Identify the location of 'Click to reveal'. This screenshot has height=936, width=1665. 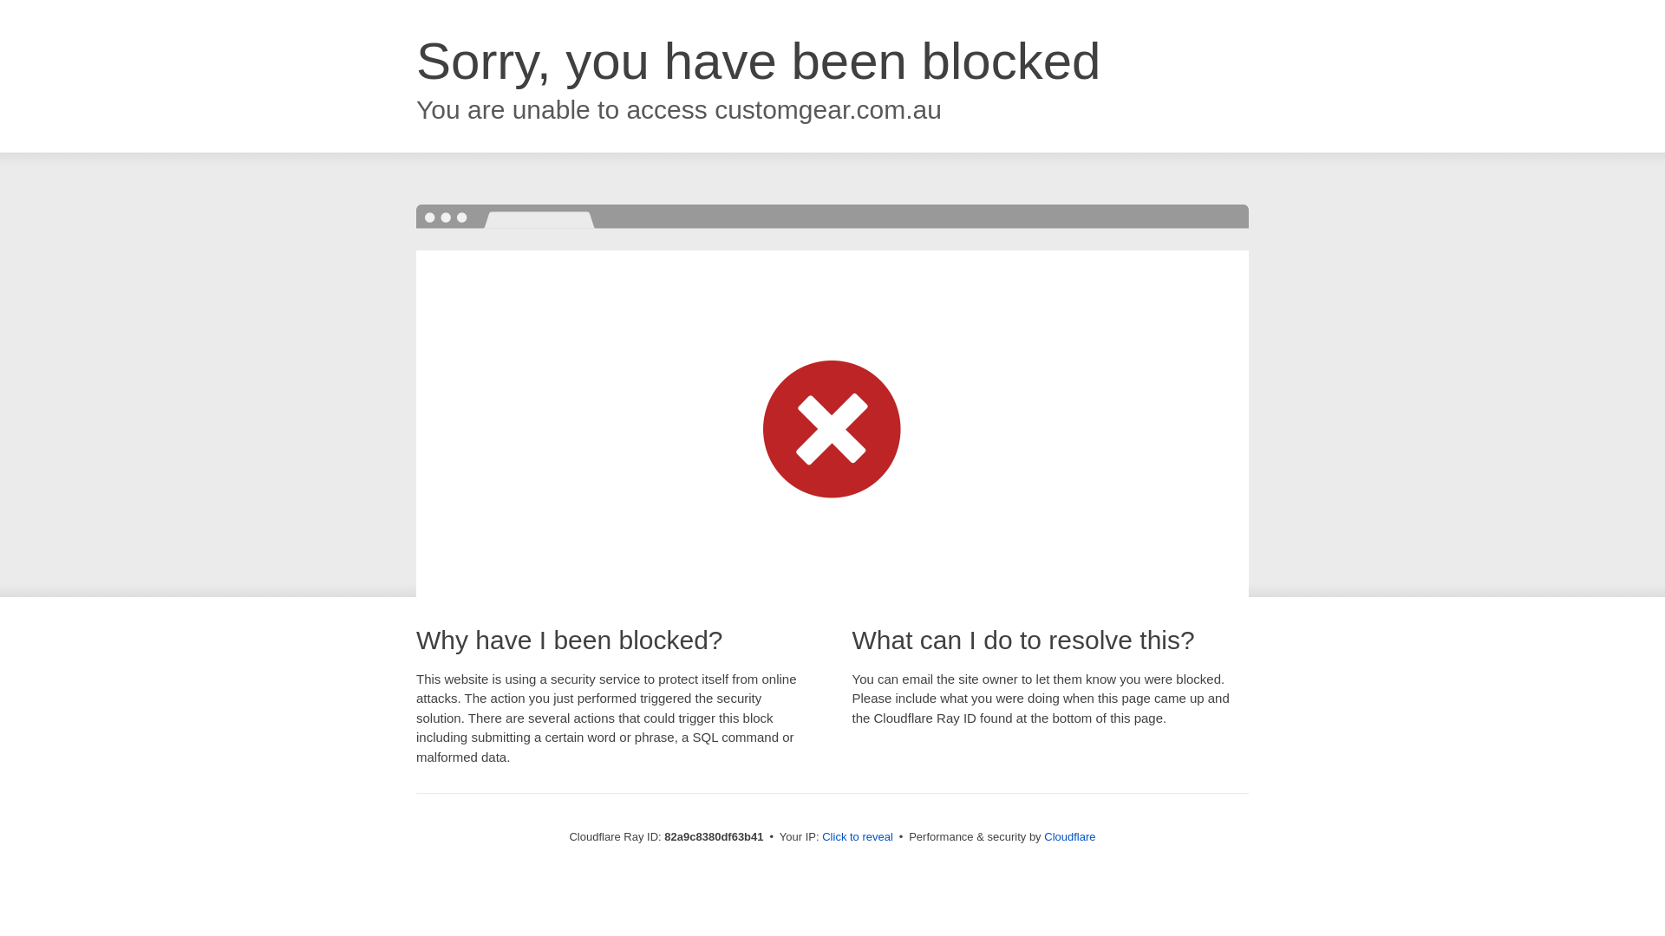
(857, 835).